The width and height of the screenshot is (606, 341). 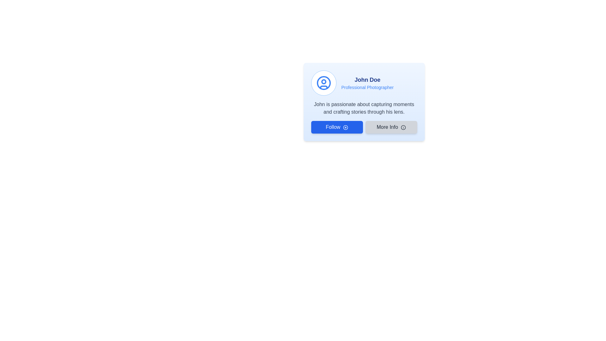 What do you see at coordinates (345, 127) in the screenshot?
I see `the circular blue icon with a plus sign inside it, located within the 'Follow' button on the right side of the button's text` at bounding box center [345, 127].